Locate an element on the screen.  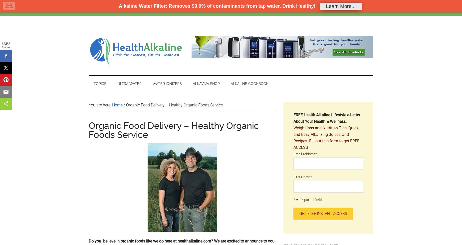
'Ultra Water' is located at coordinates (117, 83).